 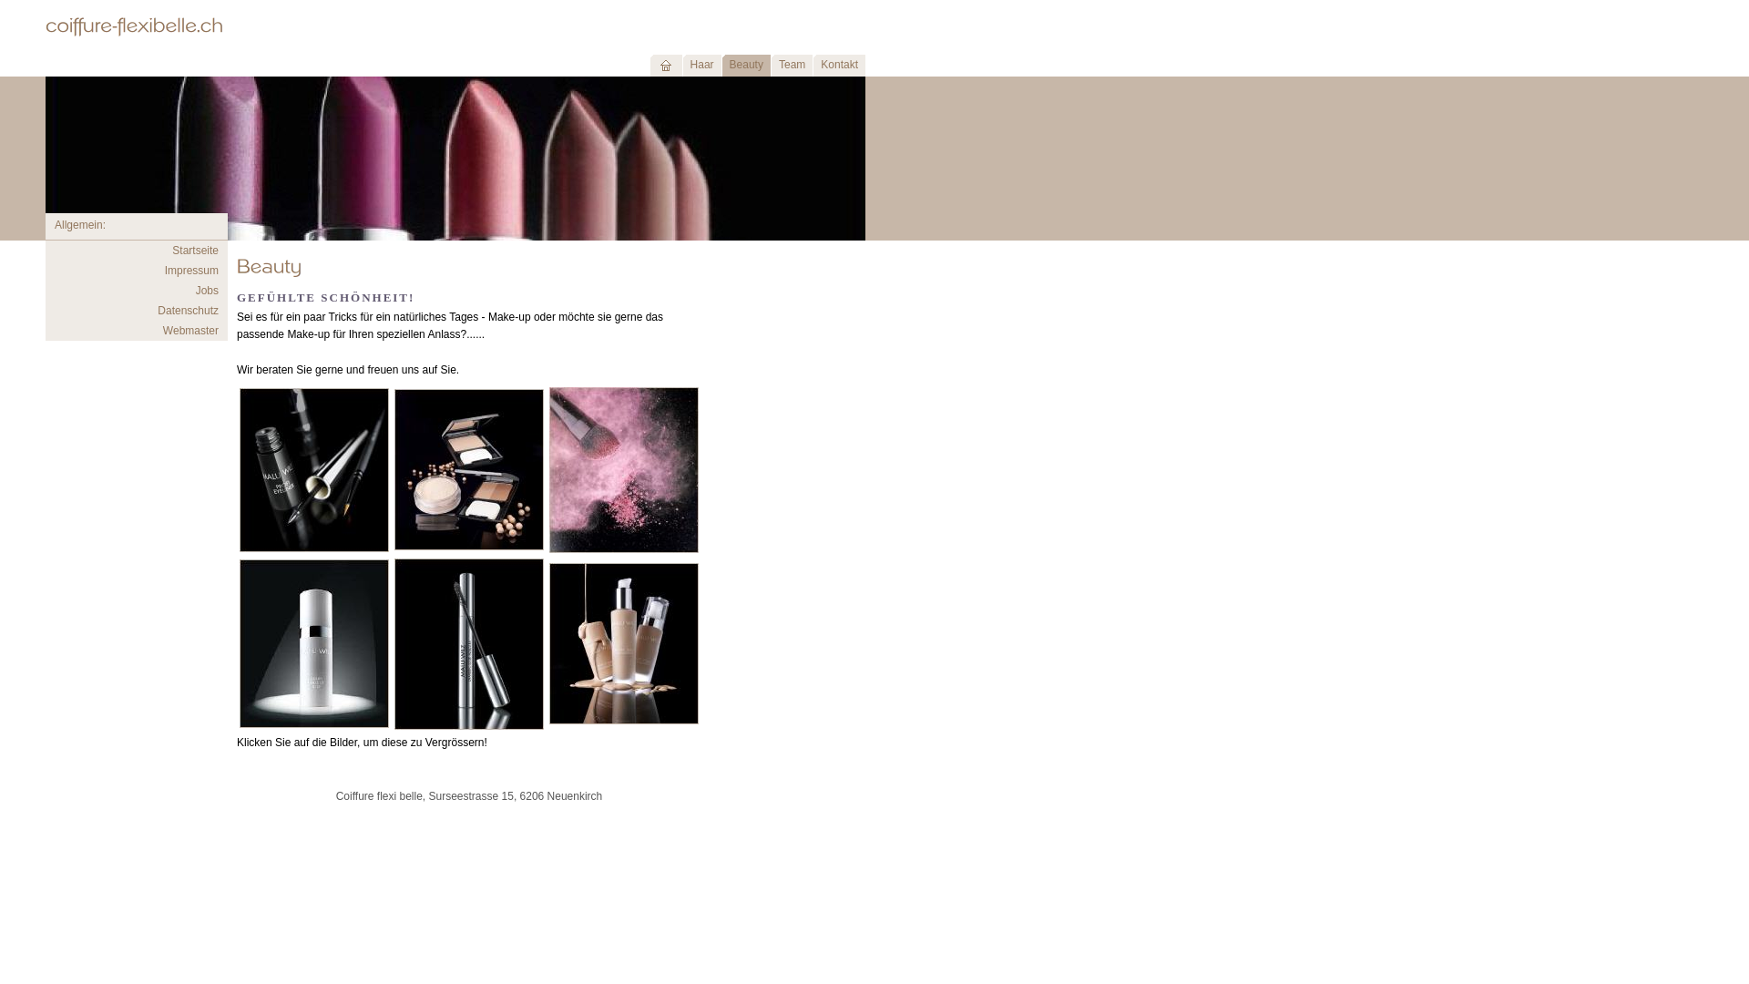 What do you see at coordinates (195, 250) in the screenshot?
I see `'Startseite'` at bounding box center [195, 250].